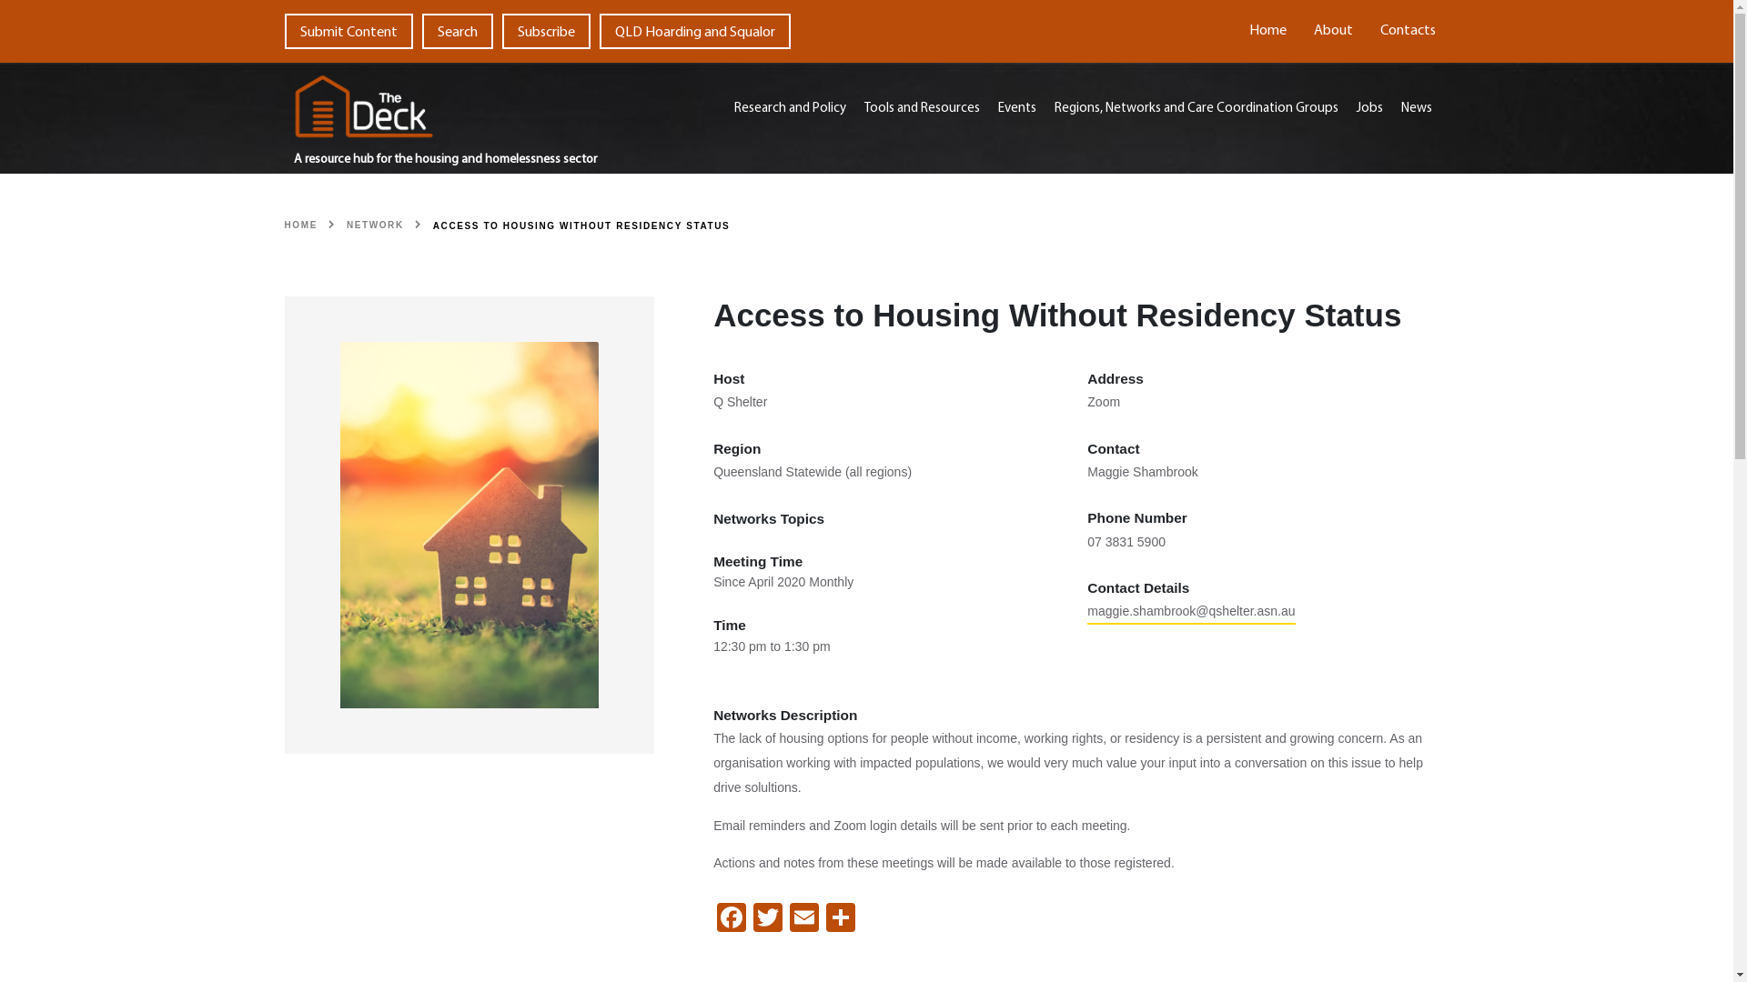 The height and width of the screenshot is (982, 1747). What do you see at coordinates (768, 919) in the screenshot?
I see `'Twitter'` at bounding box center [768, 919].